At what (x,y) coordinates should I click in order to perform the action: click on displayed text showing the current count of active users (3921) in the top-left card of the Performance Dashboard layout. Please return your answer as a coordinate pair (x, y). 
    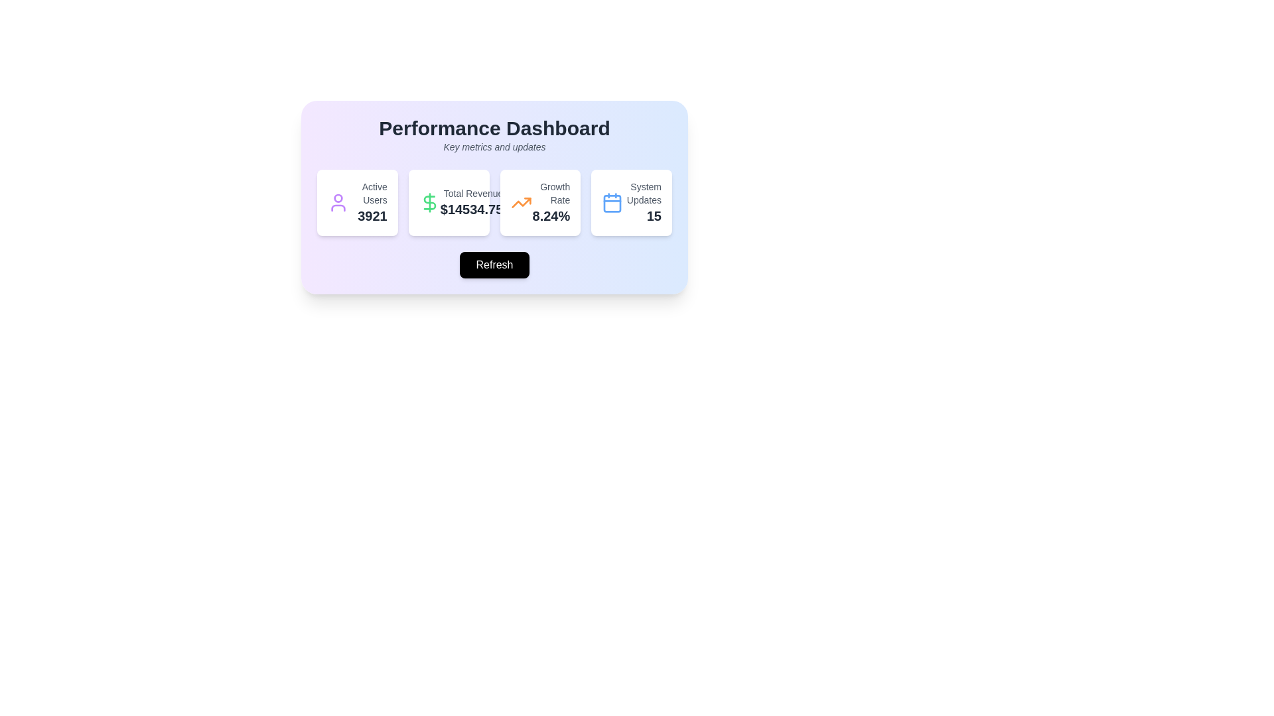
    Looking at the image, I should click on (368, 202).